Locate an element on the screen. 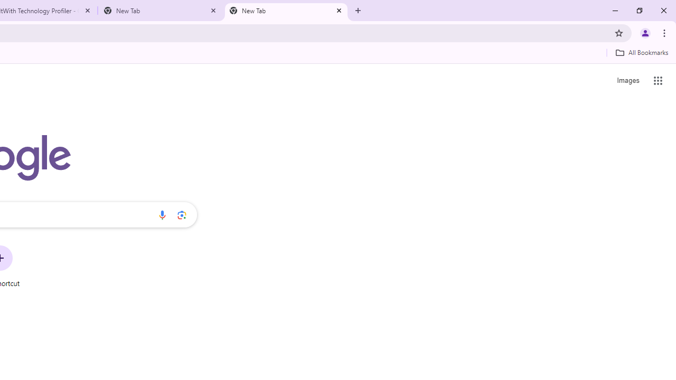  'Search by image' is located at coordinates (182, 214).